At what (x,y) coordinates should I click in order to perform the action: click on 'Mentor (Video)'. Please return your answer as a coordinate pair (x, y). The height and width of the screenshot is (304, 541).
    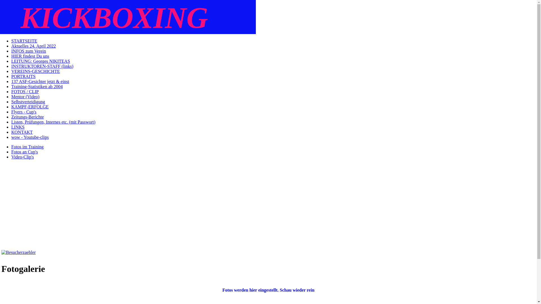
    Looking at the image, I should click on (25, 96).